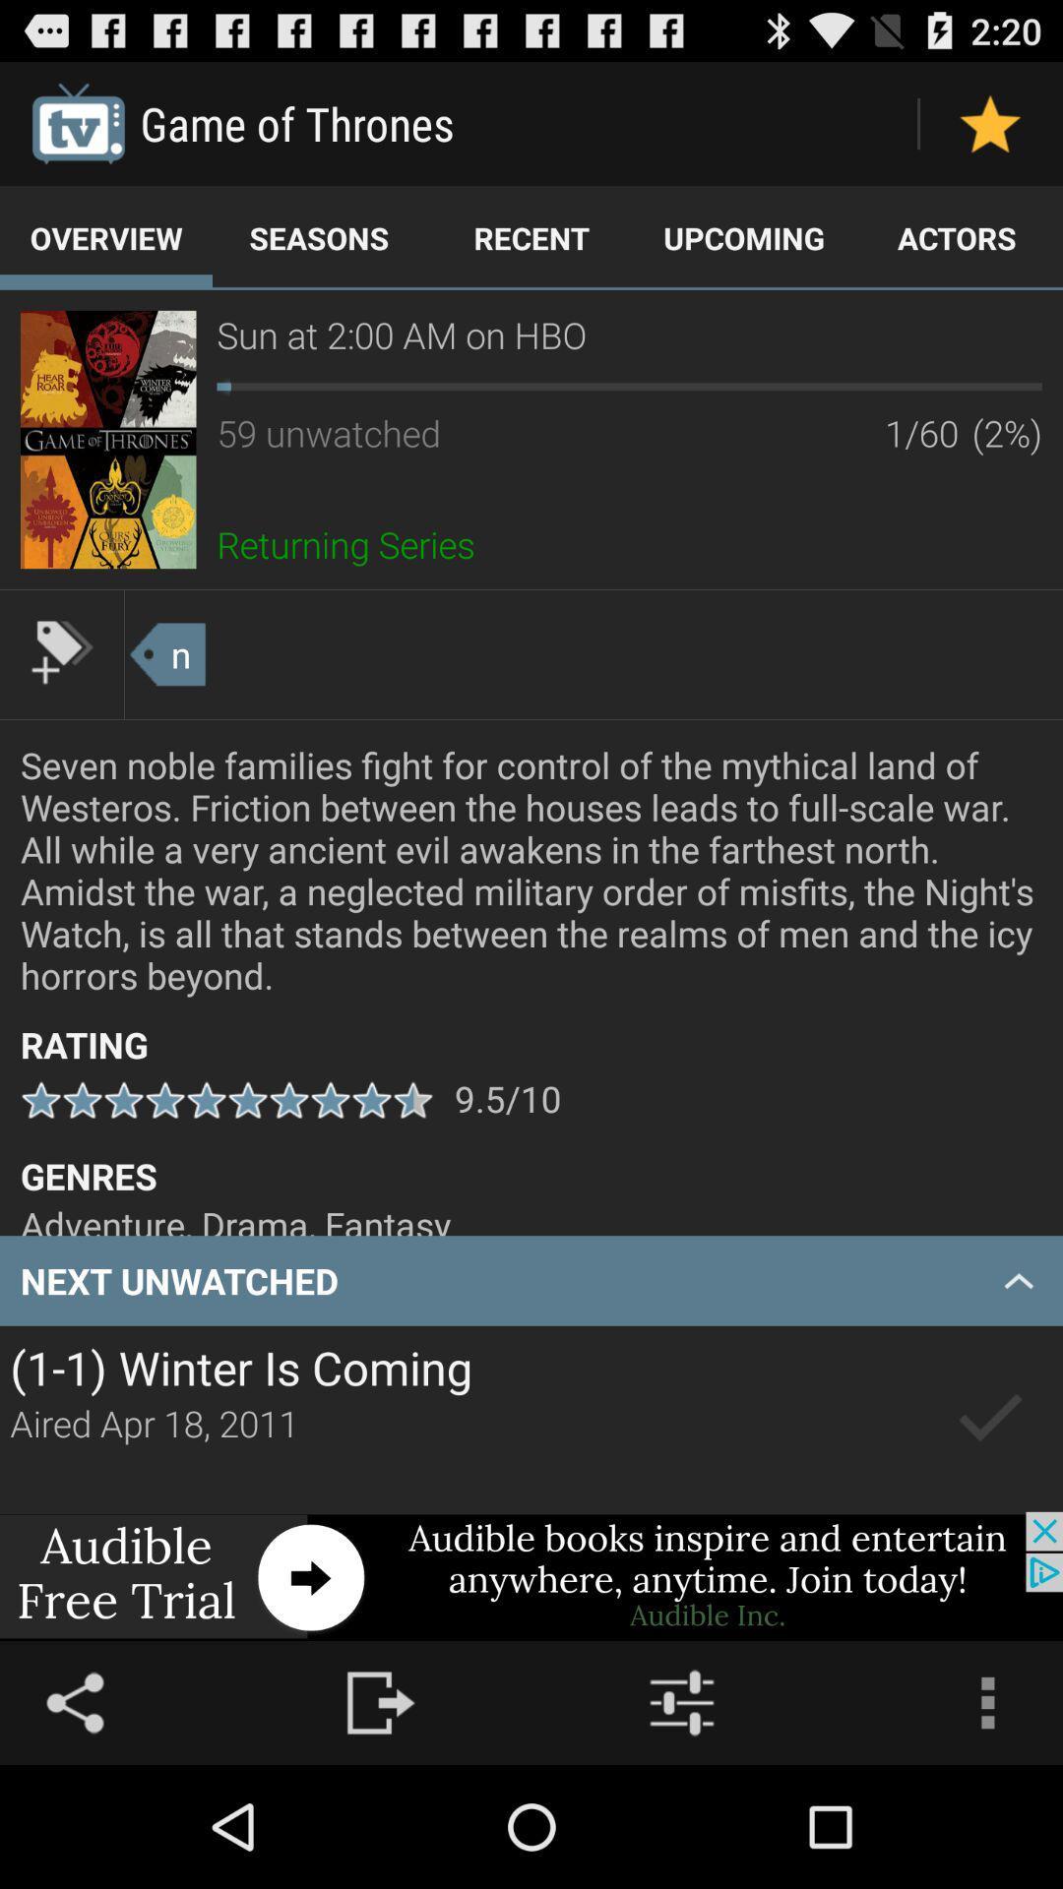 This screenshot has height=1889, width=1063. What do you see at coordinates (990, 1517) in the screenshot?
I see `the check icon` at bounding box center [990, 1517].